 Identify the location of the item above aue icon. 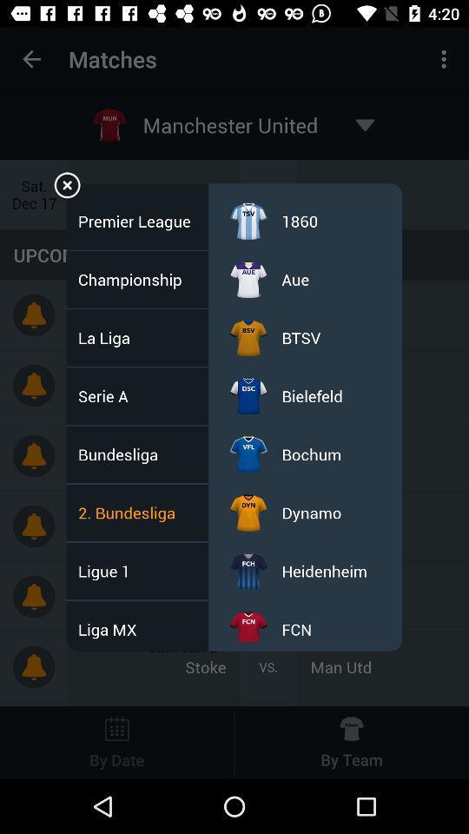
(299, 220).